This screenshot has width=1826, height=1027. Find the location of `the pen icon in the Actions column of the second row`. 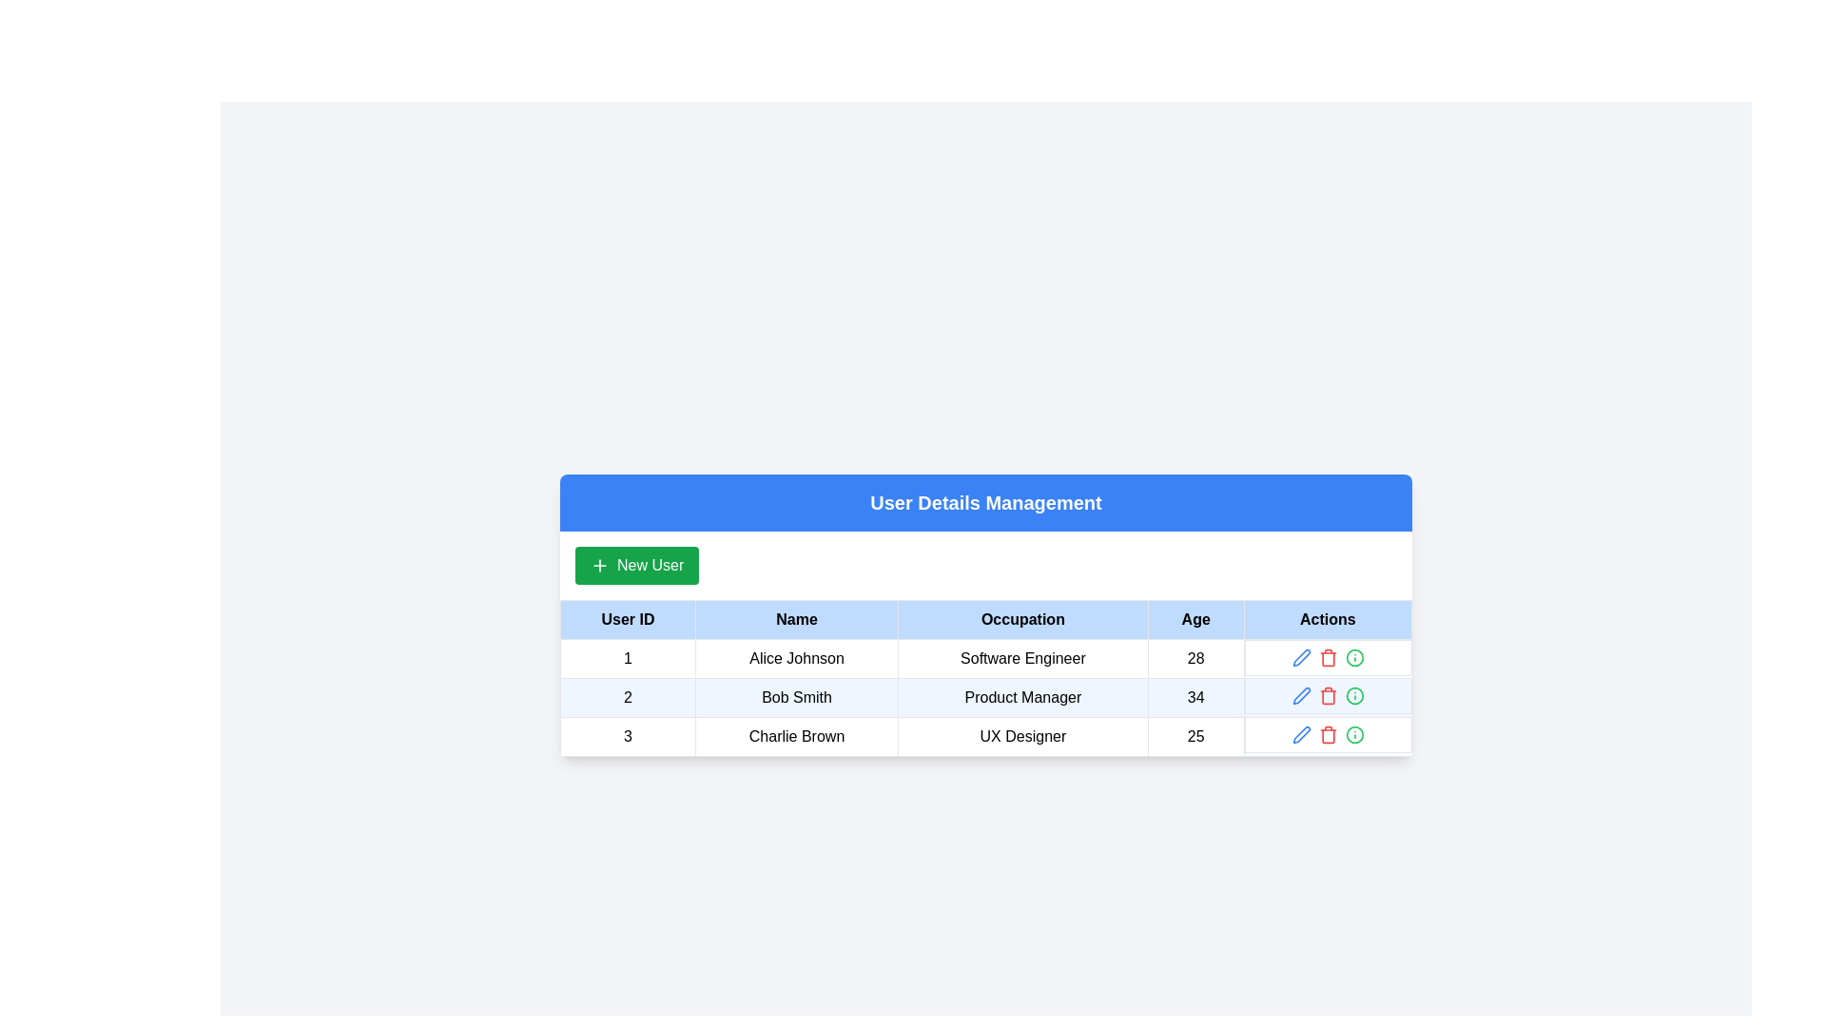

the pen icon in the Actions column of the second row is located at coordinates (1300, 656).